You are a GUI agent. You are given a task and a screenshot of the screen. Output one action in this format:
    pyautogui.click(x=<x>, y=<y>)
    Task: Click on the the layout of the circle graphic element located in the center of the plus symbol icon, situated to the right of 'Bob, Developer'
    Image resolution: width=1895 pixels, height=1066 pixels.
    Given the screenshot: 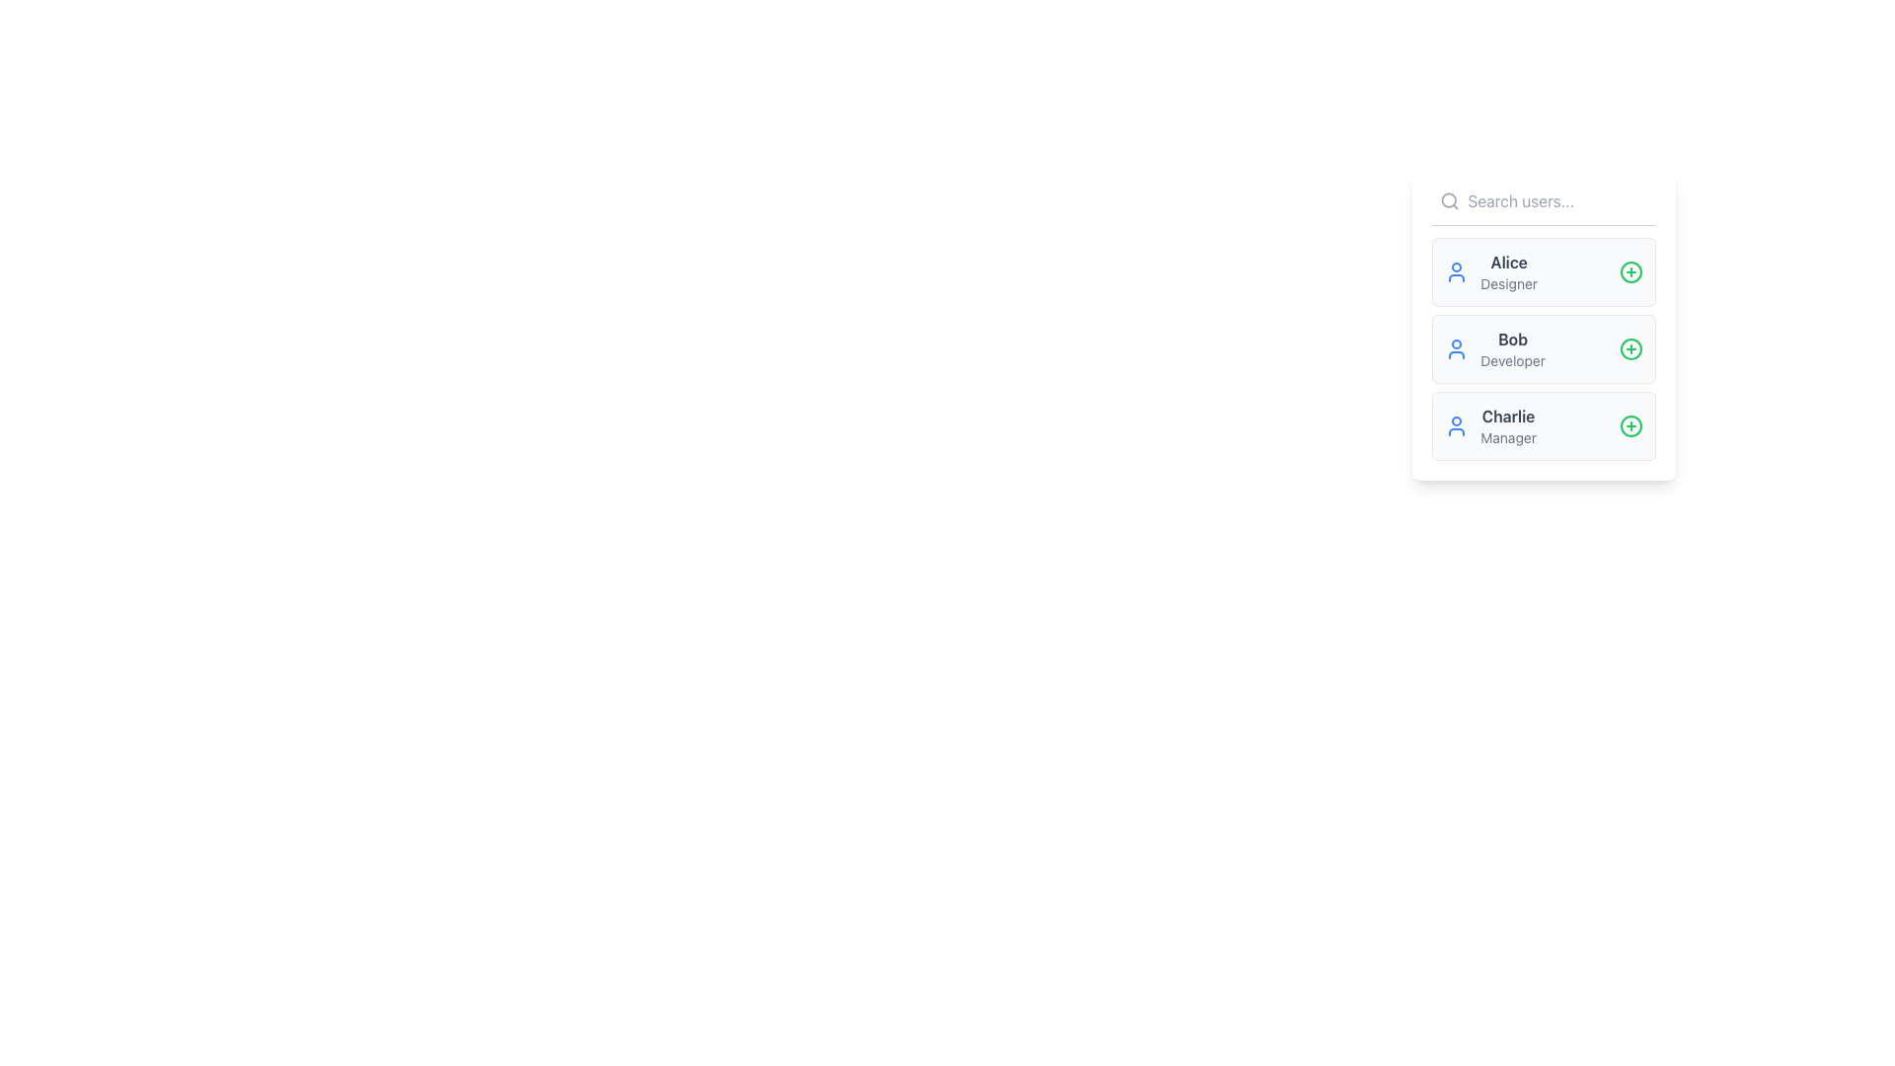 What is the action you would take?
    pyautogui.click(x=1630, y=348)
    